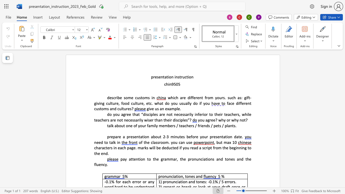 The width and height of the screenshot is (345, 194). What do you see at coordinates (157, 109) in the screenshot?
I see `the space between the continuous character "u" and "s" in the text` at bounding box center [157, 109].